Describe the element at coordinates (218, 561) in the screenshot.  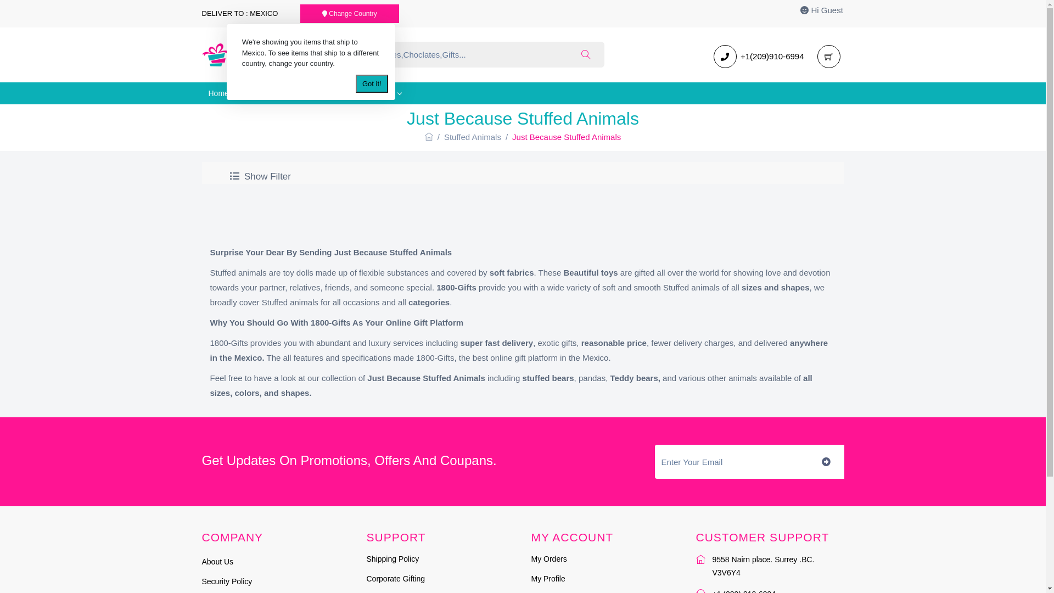
I see `'About Us'` at that location.